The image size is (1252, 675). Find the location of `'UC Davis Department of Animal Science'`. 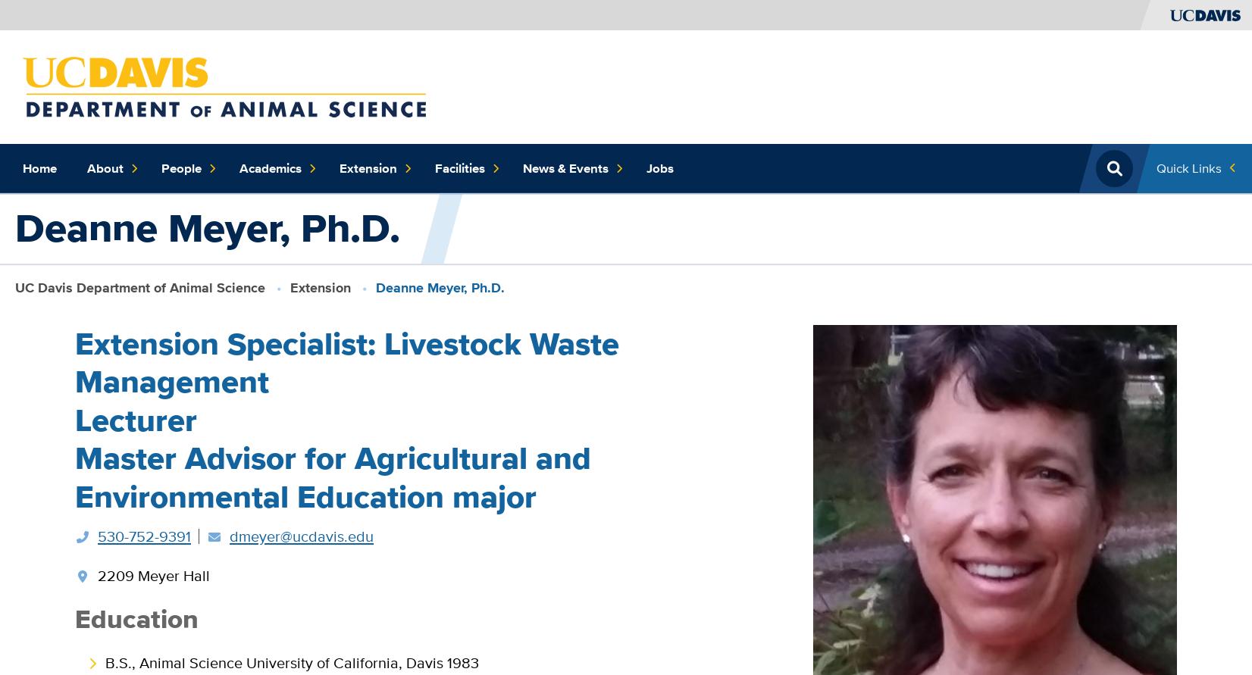

'UC Davis Department of Animal Science' is located at coordinates (140, 287).